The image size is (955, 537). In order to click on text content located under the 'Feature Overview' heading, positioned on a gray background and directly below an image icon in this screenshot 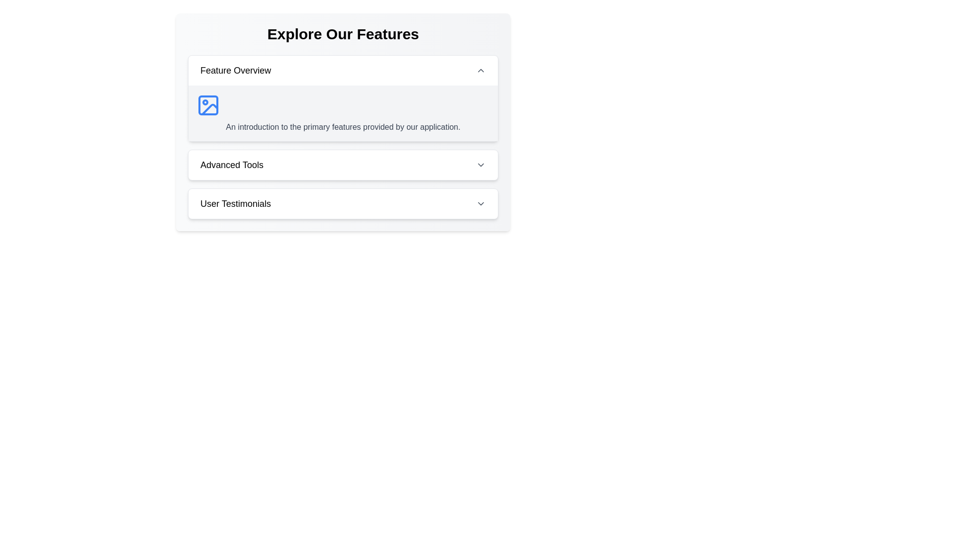, I will do `click(343, 126)`.